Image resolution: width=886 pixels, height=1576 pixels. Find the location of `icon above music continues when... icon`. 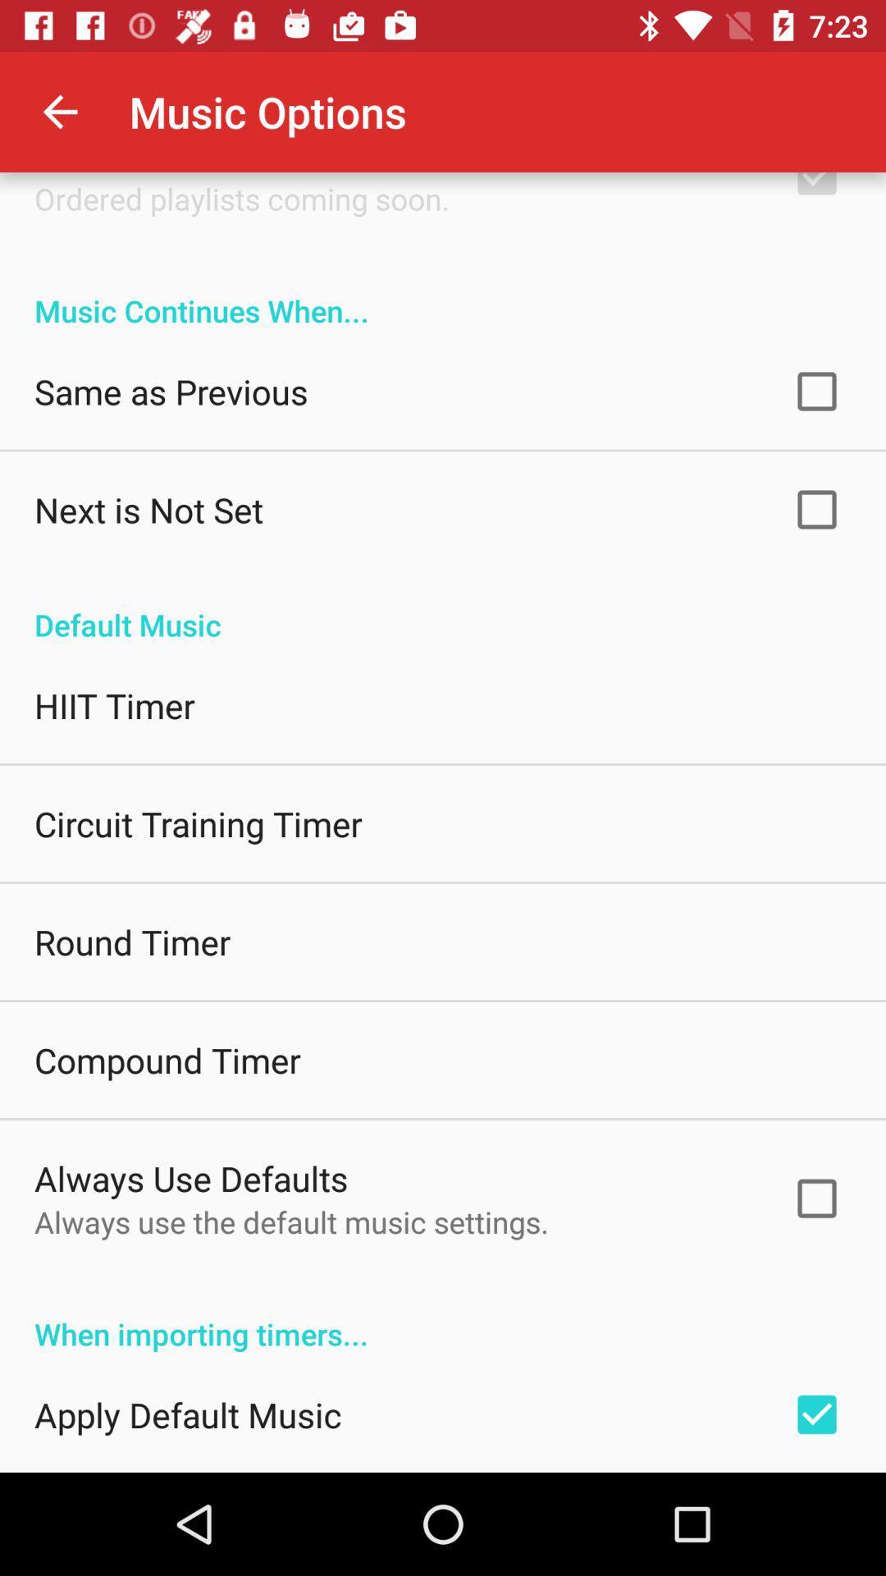

icon above music continues when... icon is located at coordinates (242, 198).